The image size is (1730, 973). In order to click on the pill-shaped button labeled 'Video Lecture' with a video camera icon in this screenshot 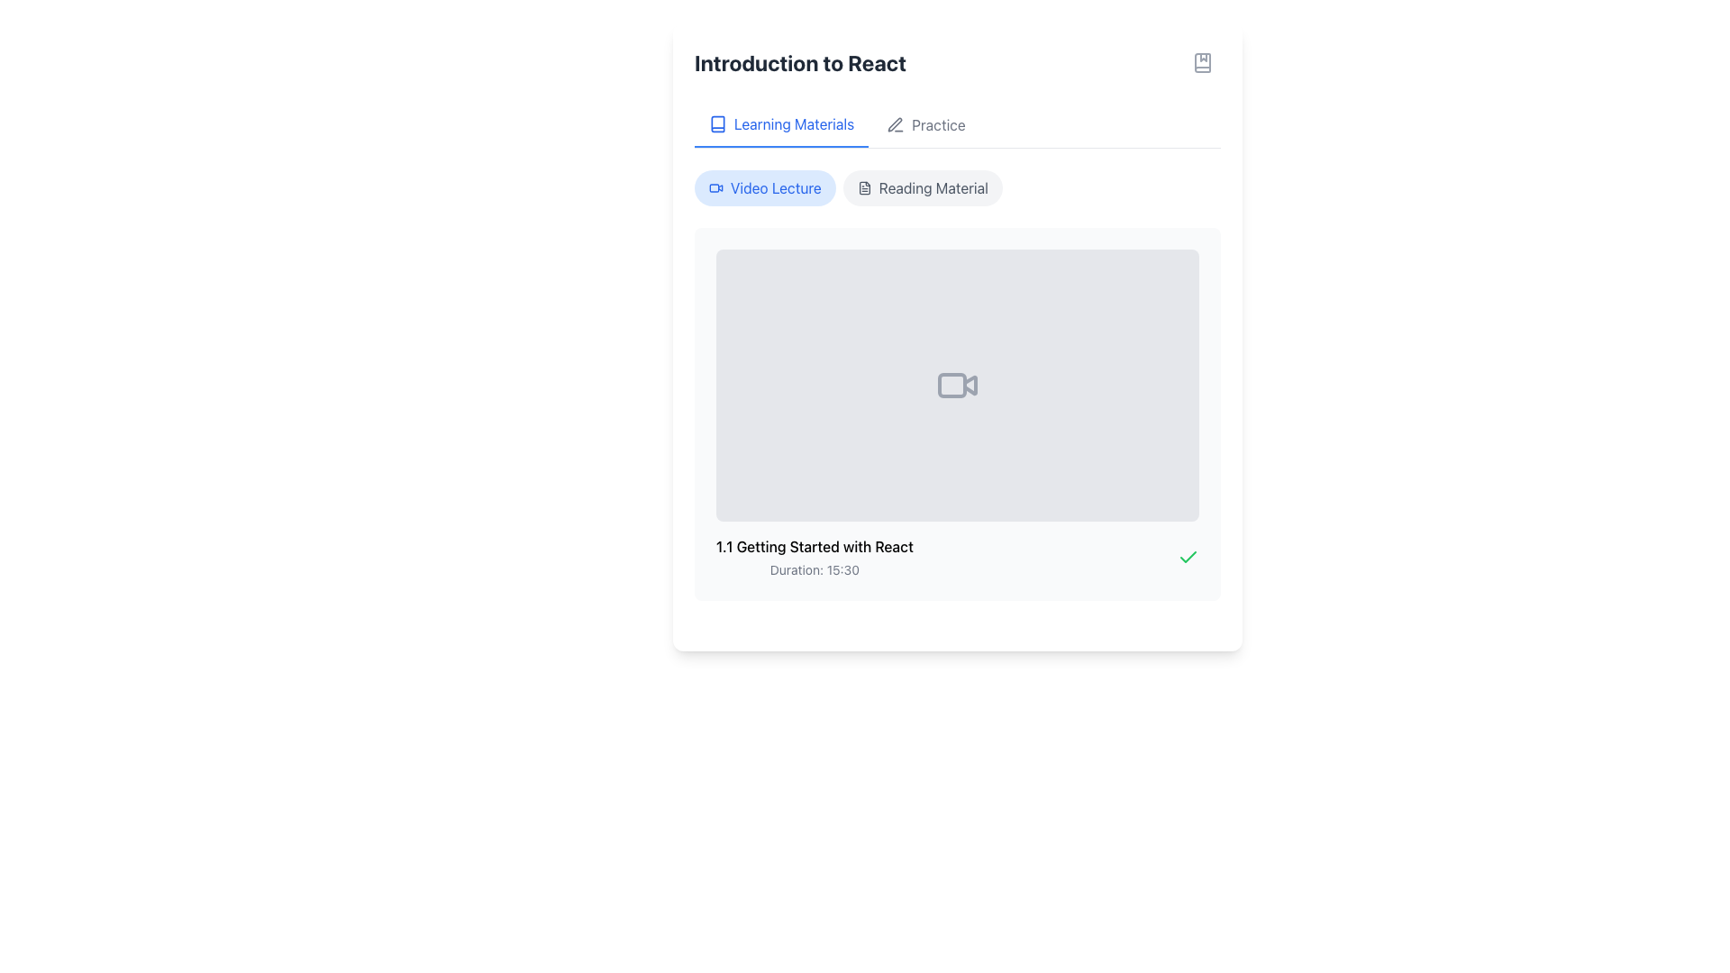, I will do `click(765, 187)`.